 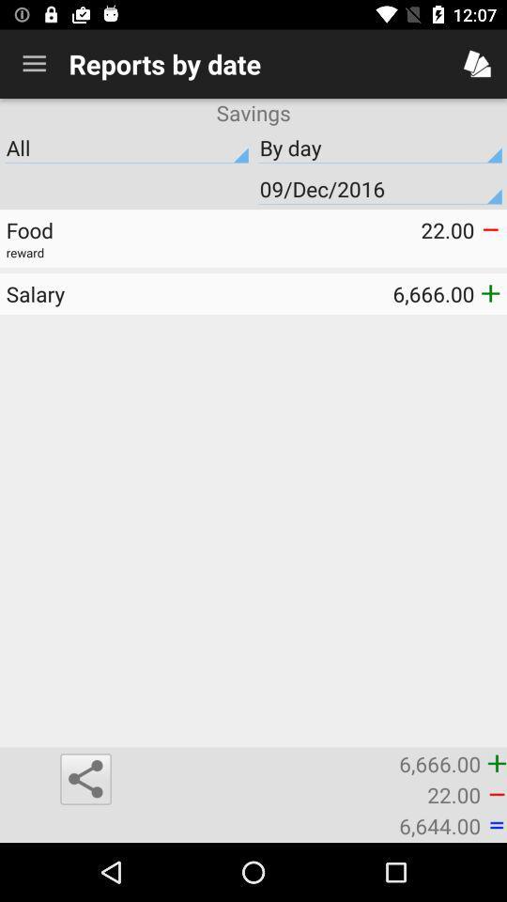 What do you see at coordinates (129, 229) in the screenshot?
I see `food icon` at bounding box center [129, 229].